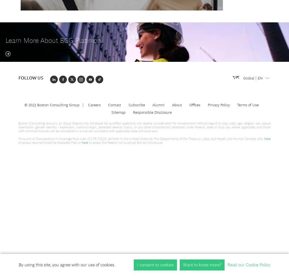 The height and width of the screenshot is (276, 289). I want to click on 'Sitemap', so click(118, 112).